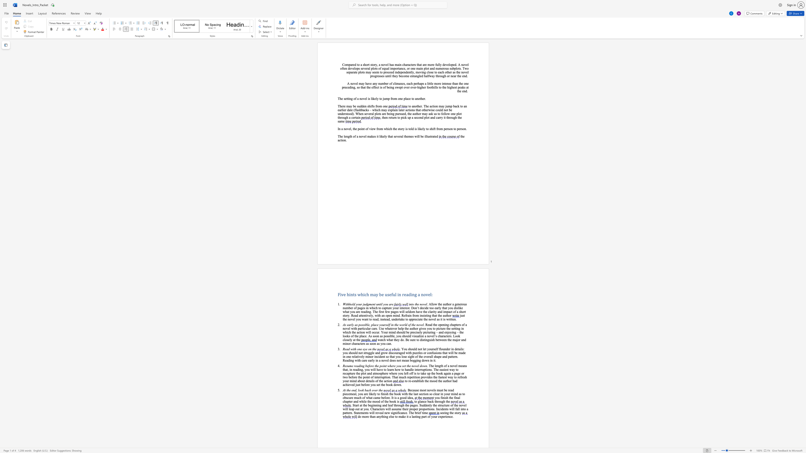 This screenshot has height=453, width=806. Describe the element at coordinates (417, 304) in the screenshot. I see `the subset text "e nov" within the text "into the novel"` at that location.